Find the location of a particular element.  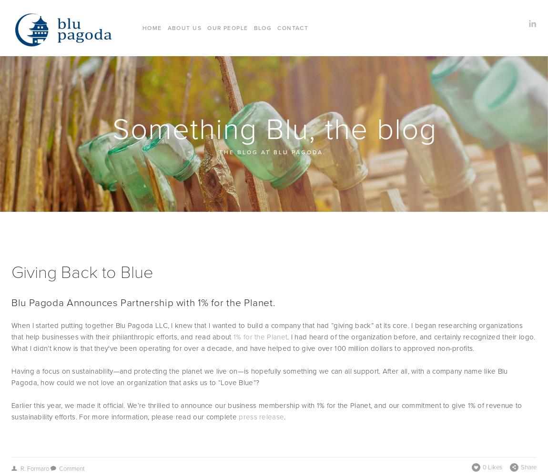

'Earlier this year, we made it official. We’re thrilled to announce our business membership with 1% for the Planet, and our commitment to give 1% of revenue to sustainability efforts. For more information, please read our complete' is located at coordinates (267, 410).